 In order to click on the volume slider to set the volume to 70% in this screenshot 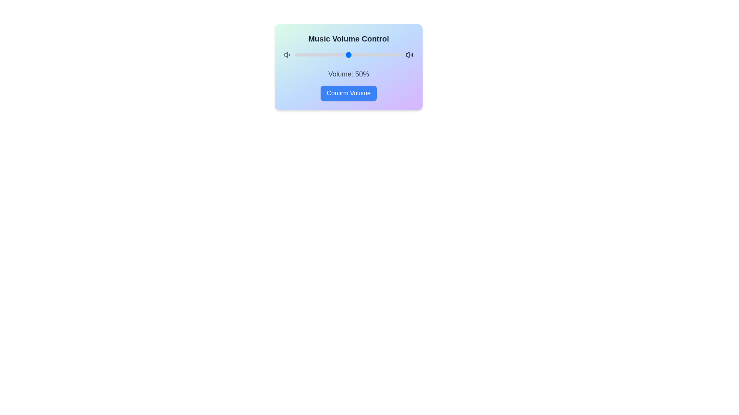, I will do `click(370, 54)`.